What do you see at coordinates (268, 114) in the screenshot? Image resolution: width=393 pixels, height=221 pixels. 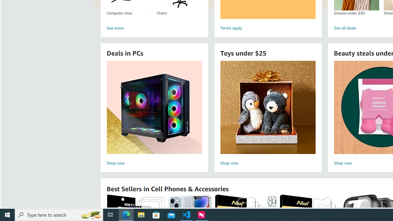 I see `'Toys under $25 Shop now'` at bounding box center [268, 114].